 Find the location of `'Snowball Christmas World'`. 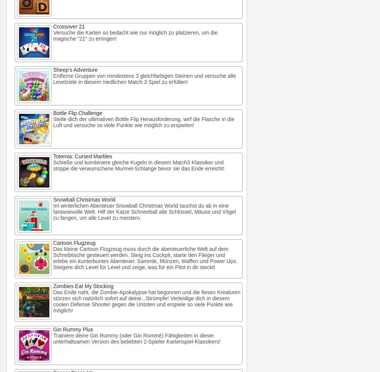

'Snowball Christmas World' is located at coordinates (84, 199).